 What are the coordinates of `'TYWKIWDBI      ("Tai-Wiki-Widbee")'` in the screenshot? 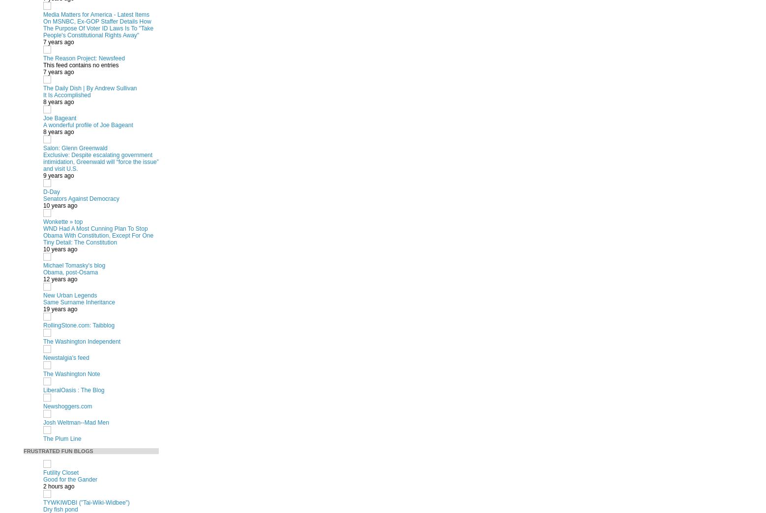 It's located at (43, 502).